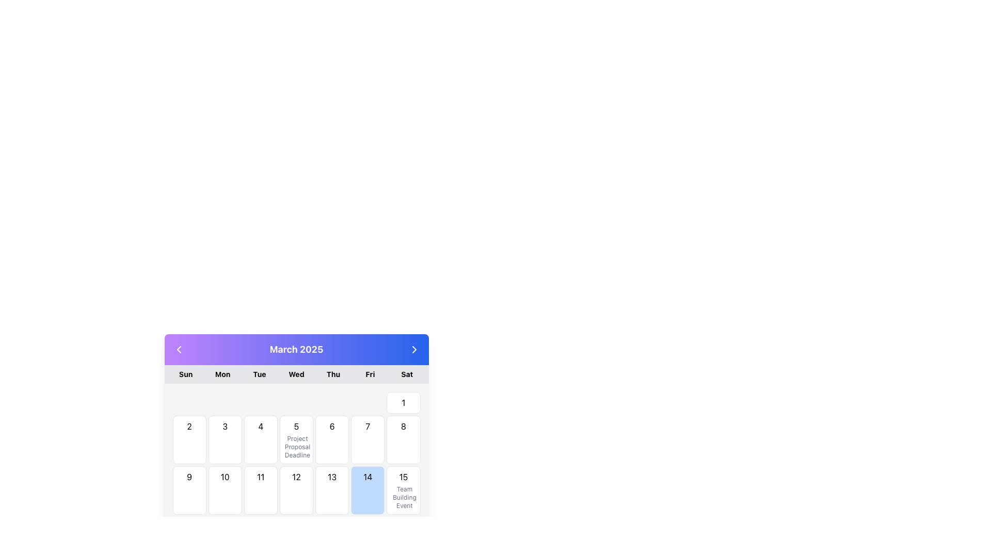 Image resolution: width=991 pixels, height=557 pixels. What do you see at coordinates (332, 490) in the screenshot?
I see `the rectangular button with the number '13' centered in it` at bounding box center [332, 490].